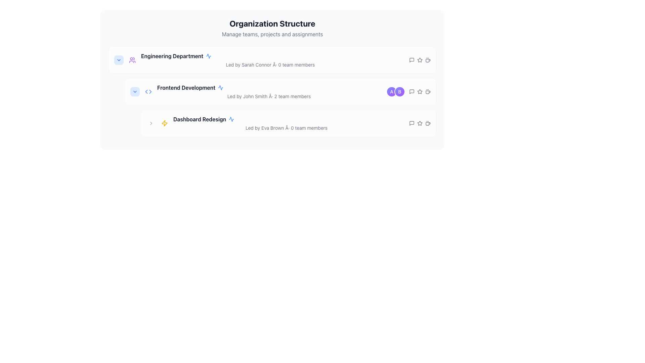 The height and width of the screenshot is (363, 645). What do you see at coordinates (411, 59) in the screenshot?
I see `the speech bubble icon located in the 'Engineering Department' group item` at bounding box center [411, 59].